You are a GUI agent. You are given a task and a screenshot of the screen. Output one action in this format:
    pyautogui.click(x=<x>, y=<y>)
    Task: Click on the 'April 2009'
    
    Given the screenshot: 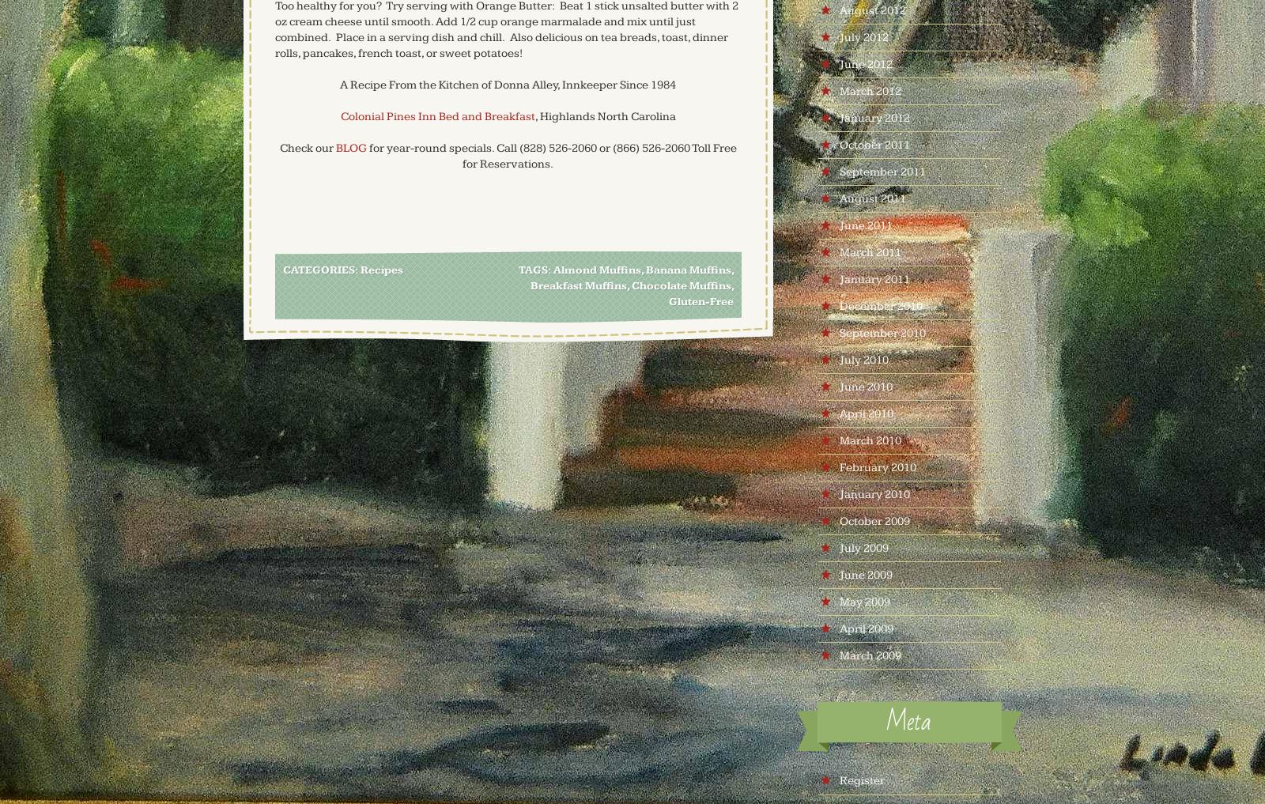 What is the action you would take?
    pyautogui.click(x=866, y=628)
    